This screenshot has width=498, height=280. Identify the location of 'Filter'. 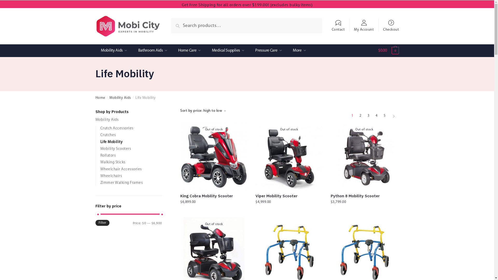
(102, 222).